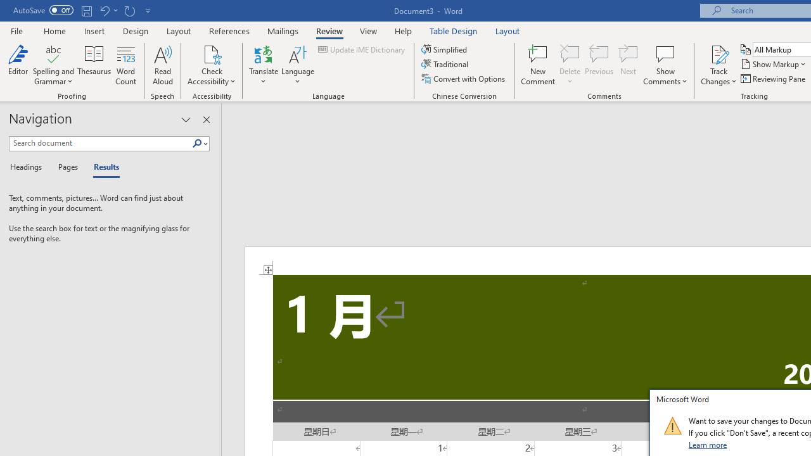 Image resolution: width=811 pixels, height=456 pixels. Describe the element at coordinates (162, 65) in the screenshot. I see `'Read Aloud'` at that location.